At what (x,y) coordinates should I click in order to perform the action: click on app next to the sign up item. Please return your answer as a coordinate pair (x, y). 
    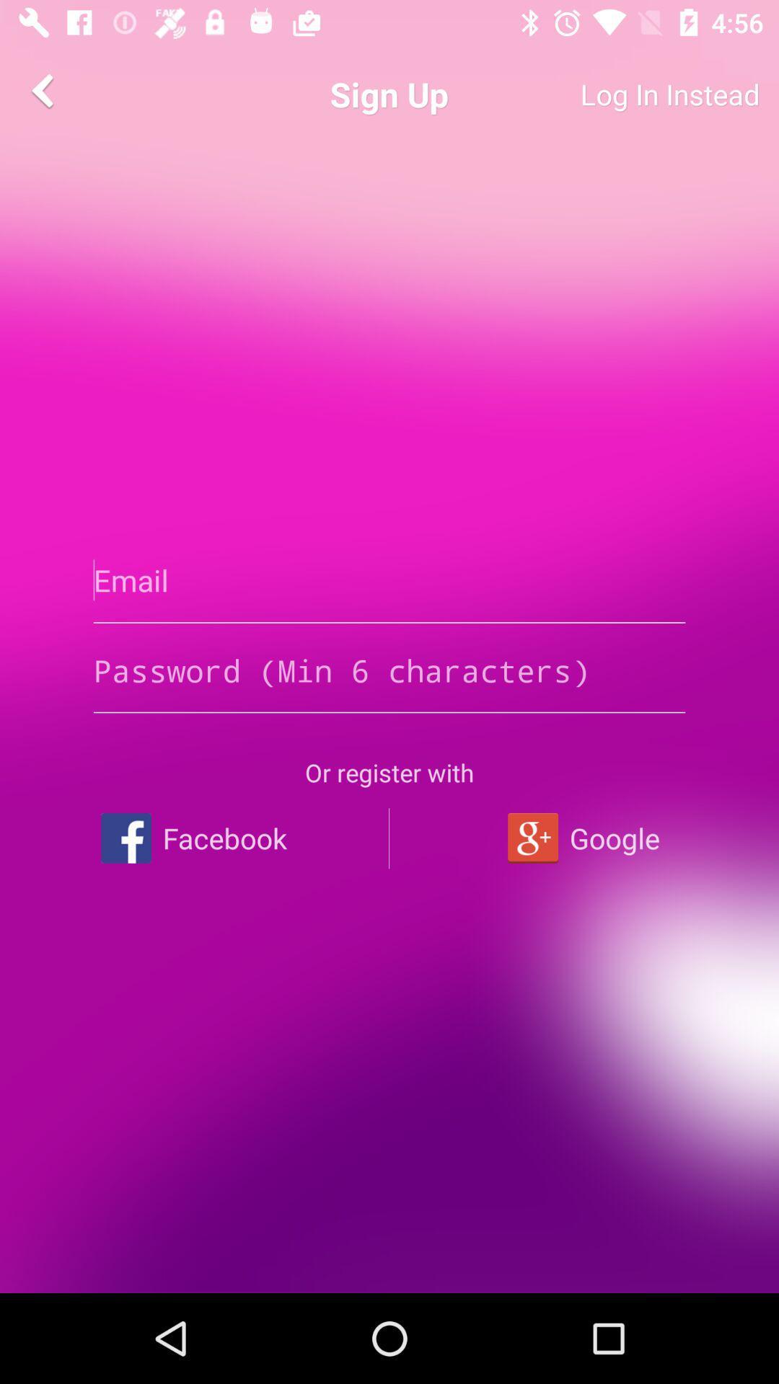
    Looking at the image, I should click on (617, 94).